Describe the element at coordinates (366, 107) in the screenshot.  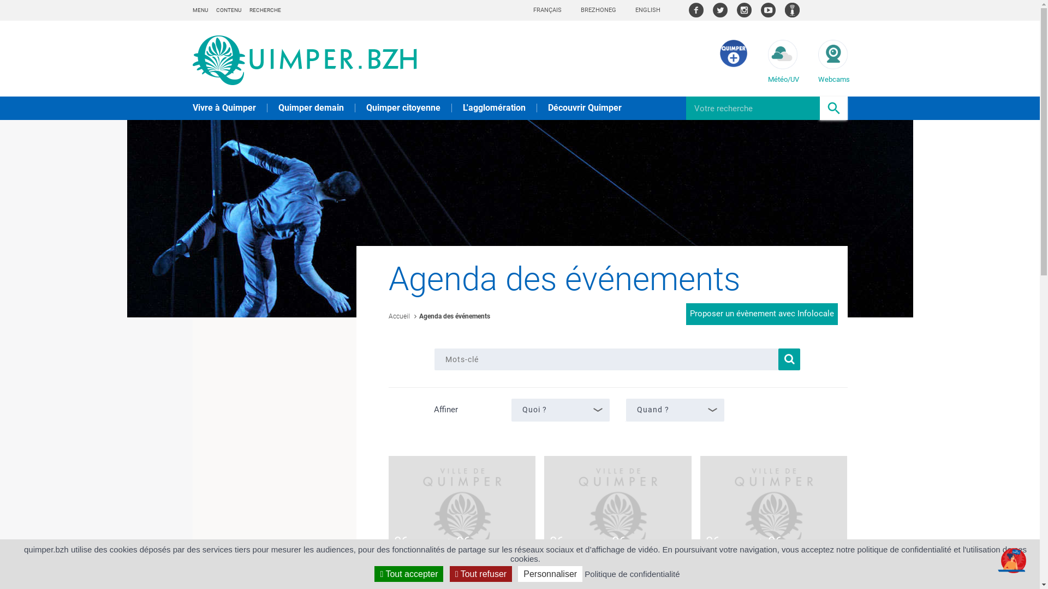
I see `'Quimper citoyenne'` at that location.